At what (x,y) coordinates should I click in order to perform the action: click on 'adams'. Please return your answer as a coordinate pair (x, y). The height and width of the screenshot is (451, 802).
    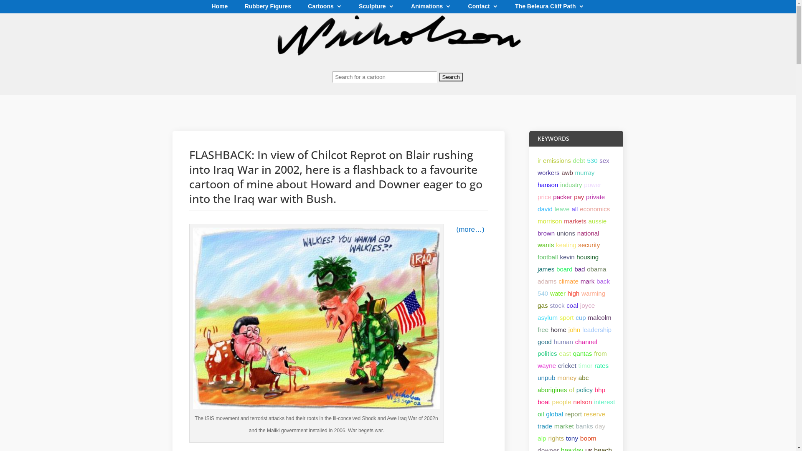
    Looking at the image, I should click on (547, 281).